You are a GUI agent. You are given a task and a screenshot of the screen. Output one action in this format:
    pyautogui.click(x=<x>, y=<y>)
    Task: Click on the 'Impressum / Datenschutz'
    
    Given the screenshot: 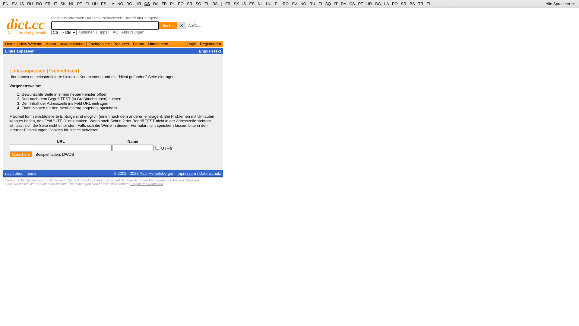 What is the action you would take?
    pyautogui.click(x=199, y=173)
    